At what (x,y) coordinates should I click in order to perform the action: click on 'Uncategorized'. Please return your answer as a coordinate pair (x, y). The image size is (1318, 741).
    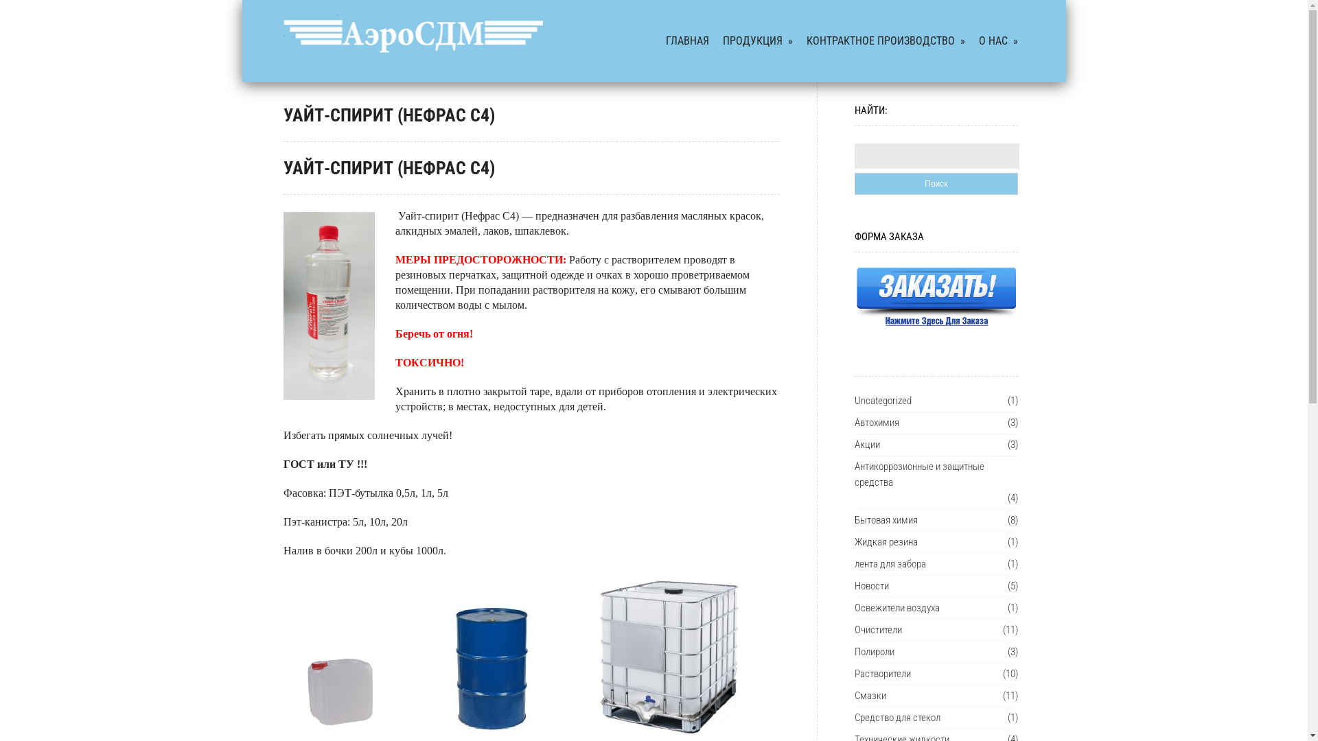
    Looking at the image, I should click on (853, 401).